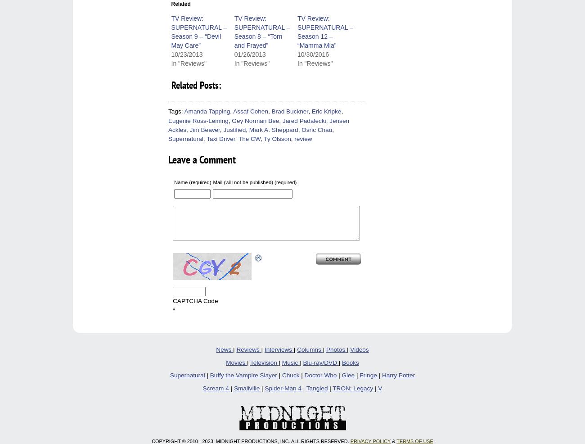  What do you see at coordinates (321, 375) in the screenshot?
I see `'Doctor Who'` at bounding box center [321, 375].